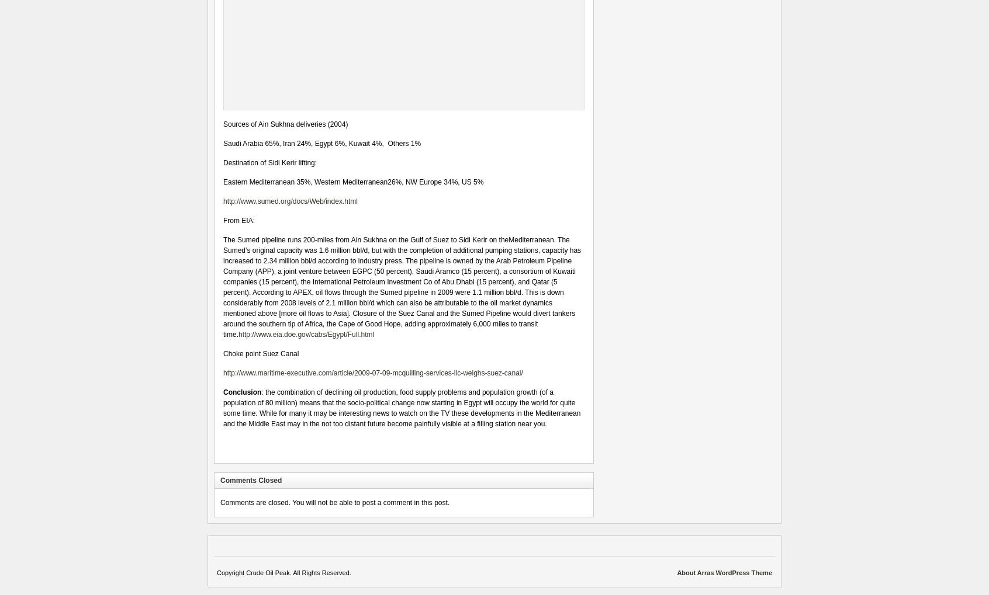  Describe the element at coordinates (223, 286) in the screenshot. I see `'The Sumed pipeline runs 200-miles from Ain Sukhna on the Gulf of Suez to Sidi Kerir on theMediterranean. The Sumed’s original capacity was 1.6 million bbl/d, but with the completion of additional pumping stations, capacity has increased to 2.34 million bbl/d according to industry press. The pipeline is owned by the Arab Petroleum Pipeline Company (APP), a joint venture between EGPC (50 percent), Saudi Aramco (15 percent), a consortium of Kuwaiti companies (15 percent), the International Petroleum Investment Co of Abu Dhabi (15 percent), and Qatar (5 percent). According to APEX, oil flows through the Sumed pipeline in 2009 were 1.1 million bbl/d. This is down considerably from 2008 levels of 2.1 million bbl/d which can also be attributable to the oil market dynamics mentioned above [more oil flows to Asia]. Closure of the Suez Canal and the Sumed Pipeline would divert tankers around the southern tip of Africa, the Cape of Good Hope, adding approximately 6,000 miles to transit time.'` at that location.